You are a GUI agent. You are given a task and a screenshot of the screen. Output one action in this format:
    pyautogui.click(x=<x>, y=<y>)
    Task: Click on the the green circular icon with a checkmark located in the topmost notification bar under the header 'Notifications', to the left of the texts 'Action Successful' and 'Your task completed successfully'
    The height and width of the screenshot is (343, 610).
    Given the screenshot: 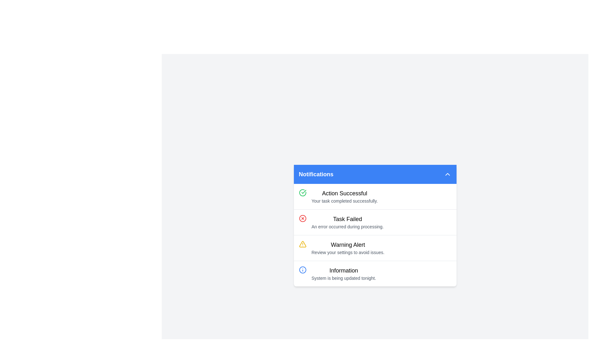 What is the action you would take?
    pyautogui.click(x=302, y=192)
    